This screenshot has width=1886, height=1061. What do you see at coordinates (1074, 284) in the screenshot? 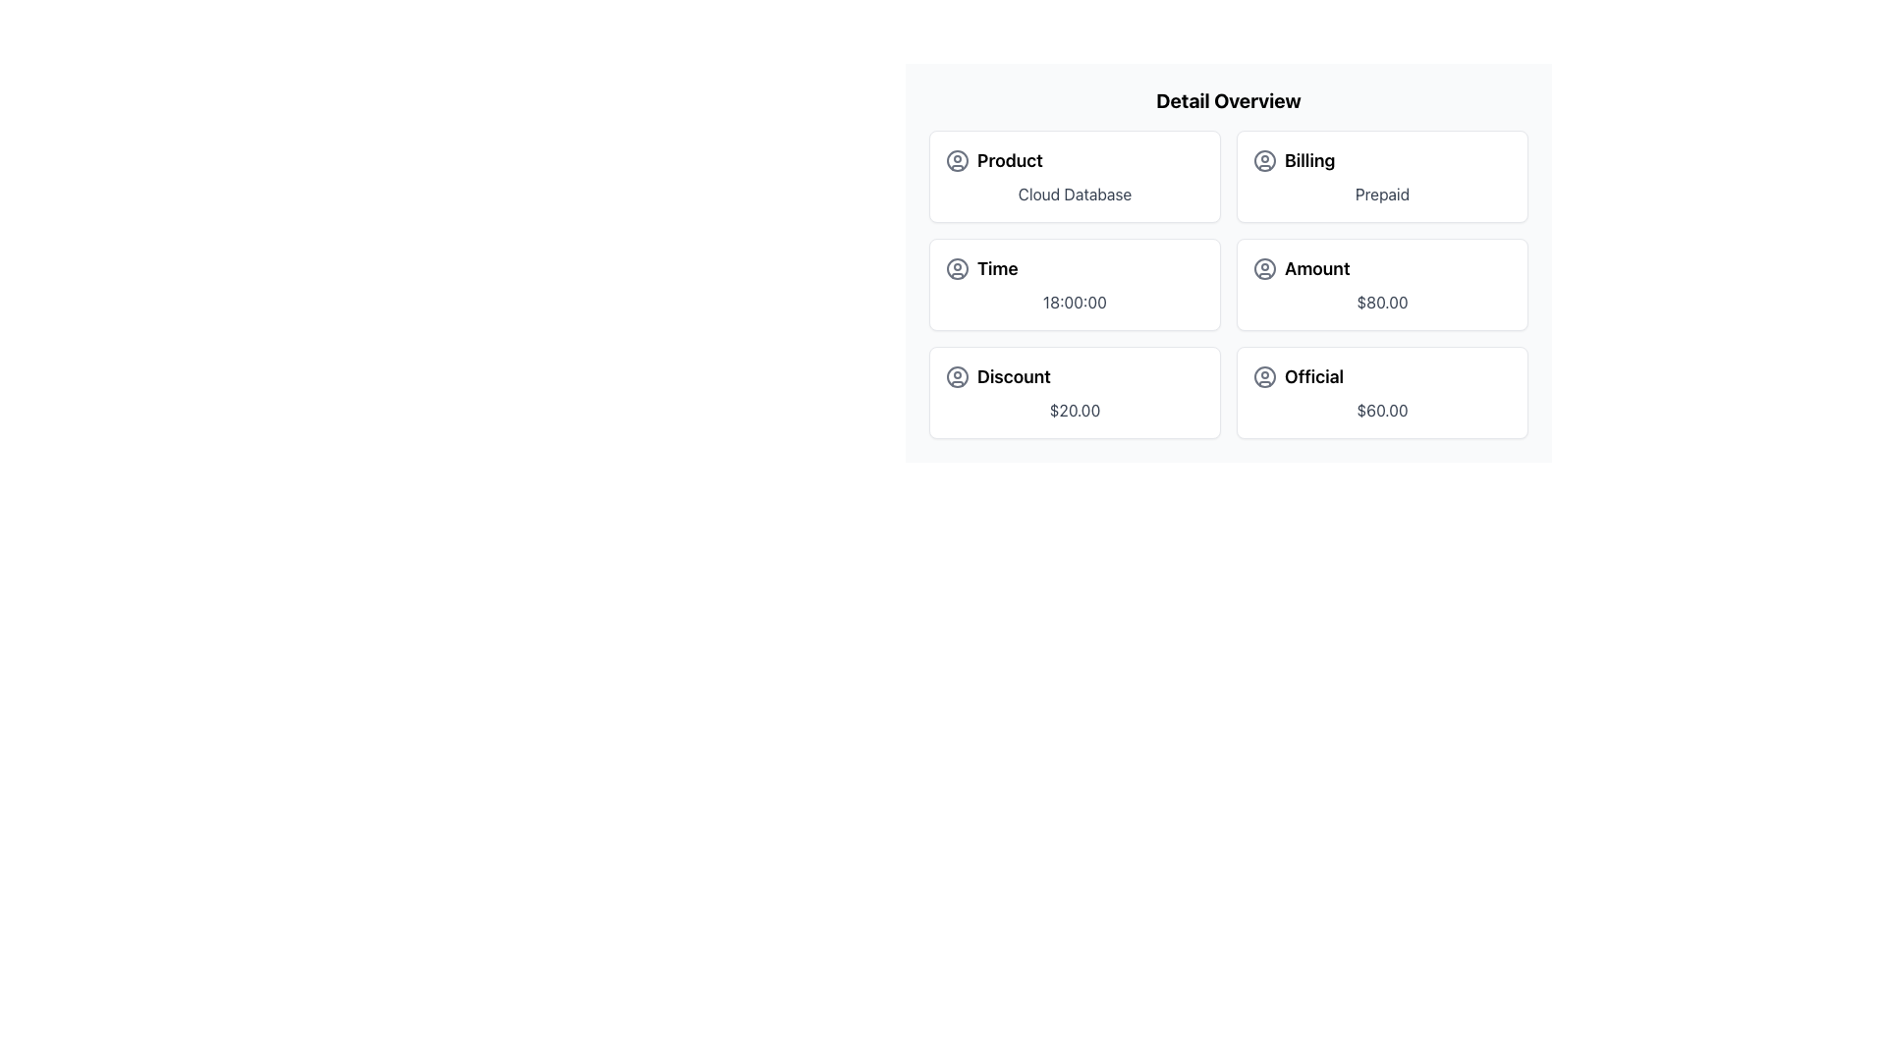
I see `the informational card displaying the time value '18:00:00' located in the left column, second row of the grid layout` at bounding box center [1074, 284].